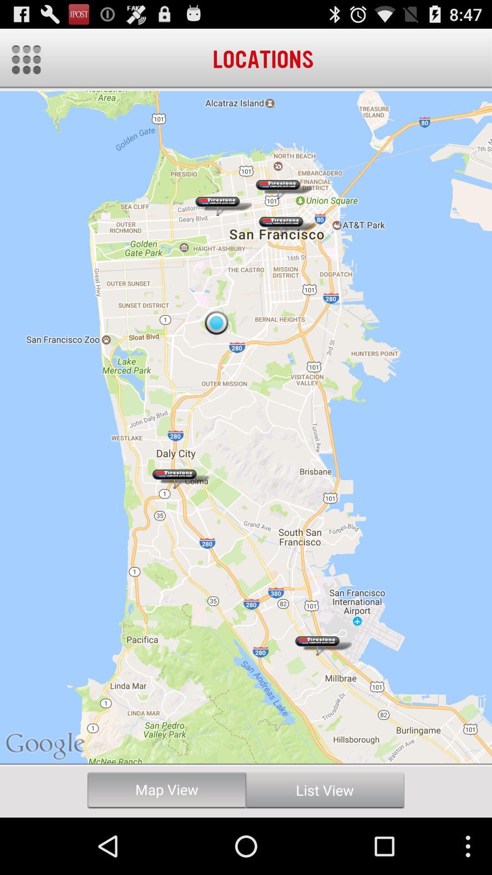 The height and width of the screenshot is (875, 492). Describe the element at coordinates (26, 59) in the screenshot. I see `menu` at that location.